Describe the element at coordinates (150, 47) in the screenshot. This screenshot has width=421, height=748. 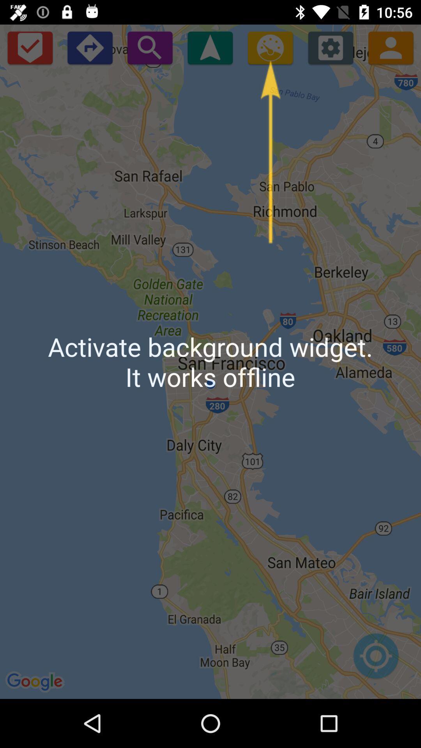
I see `search` at that location.